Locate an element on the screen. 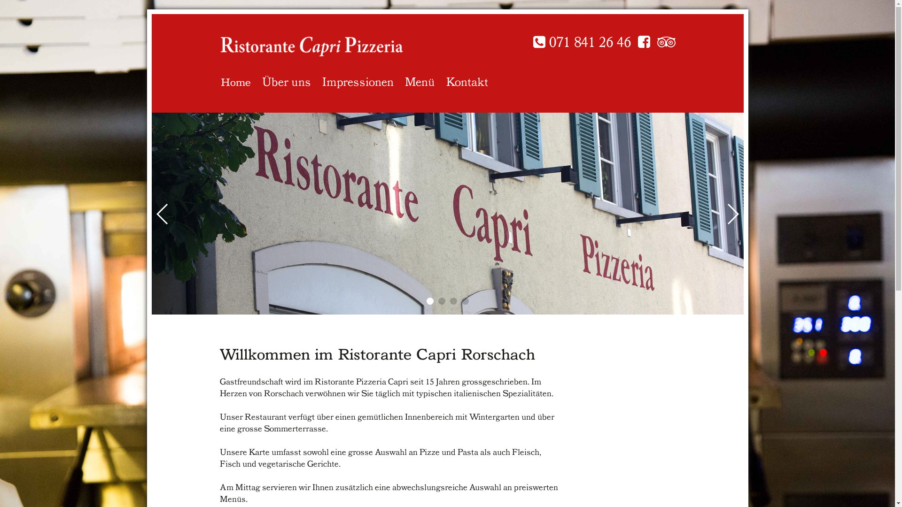 Image resolution: width=902 pixels, height=507 pixels. 'Impressionen' is located at coordinates (358, 79).